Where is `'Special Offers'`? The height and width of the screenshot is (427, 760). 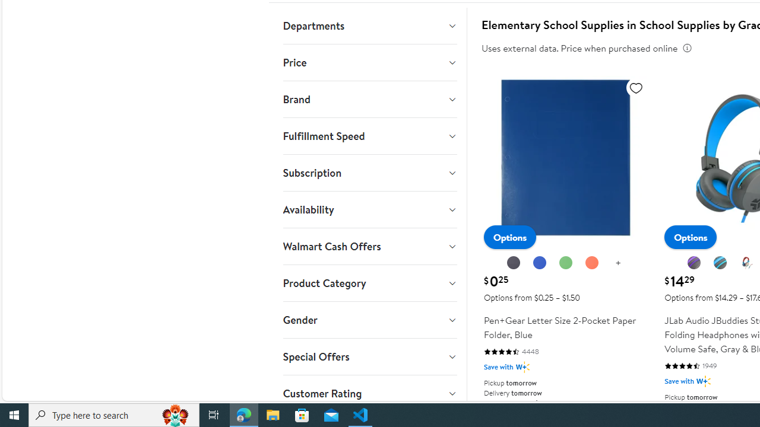 'Special Offers' is located at coordinates (369, 356).